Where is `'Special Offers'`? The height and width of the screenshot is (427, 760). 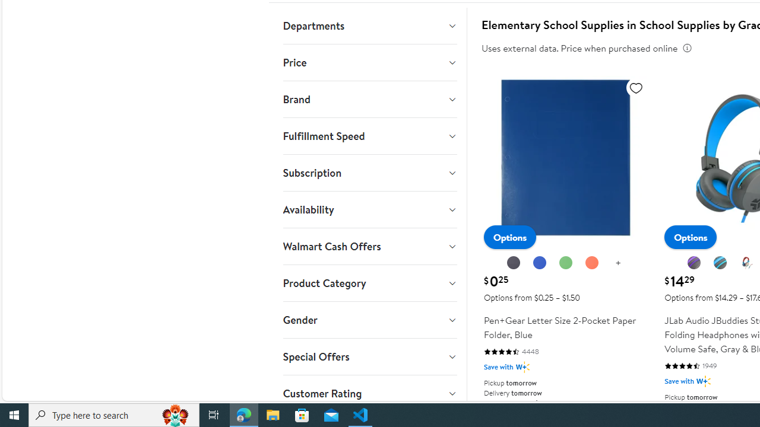 'Special Offers' is located at coordinates (369, 356).